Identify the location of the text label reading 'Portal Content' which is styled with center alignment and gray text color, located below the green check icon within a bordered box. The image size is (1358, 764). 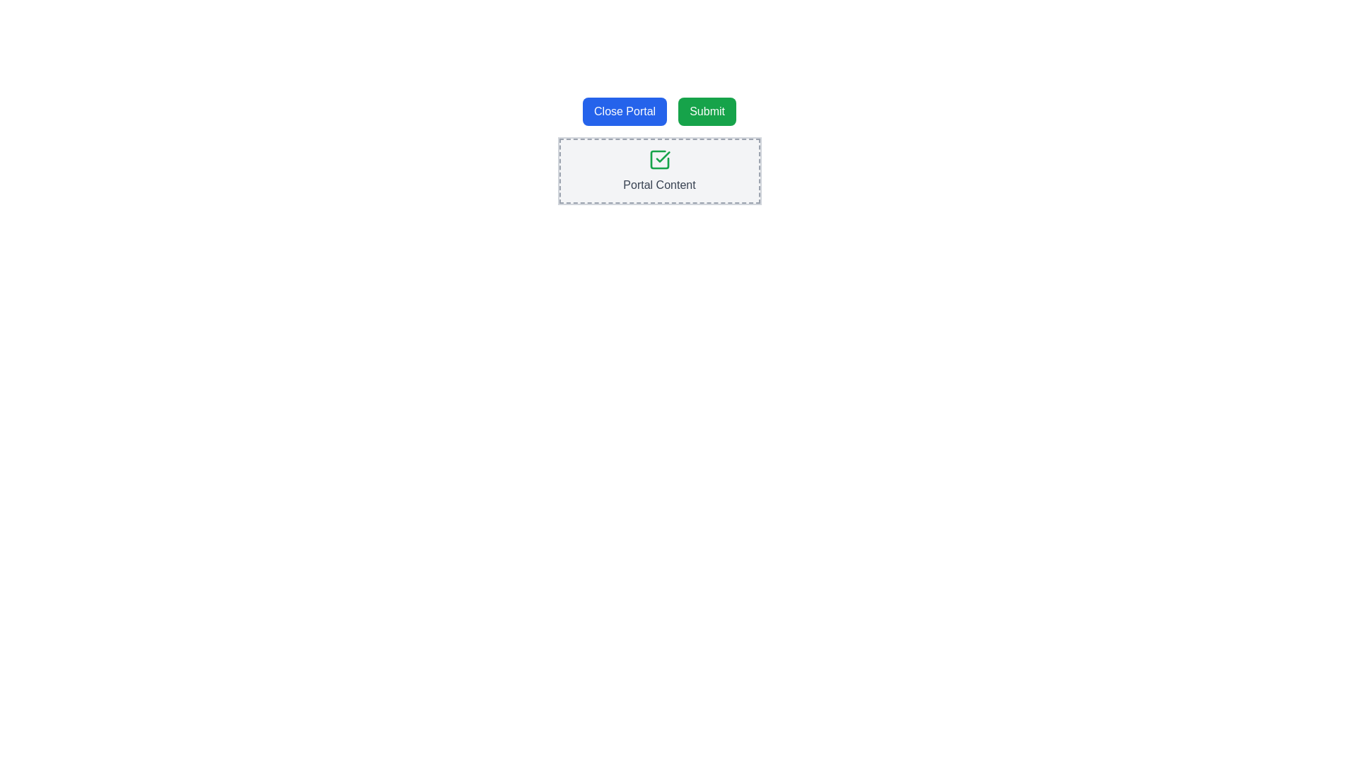
(658, 170).